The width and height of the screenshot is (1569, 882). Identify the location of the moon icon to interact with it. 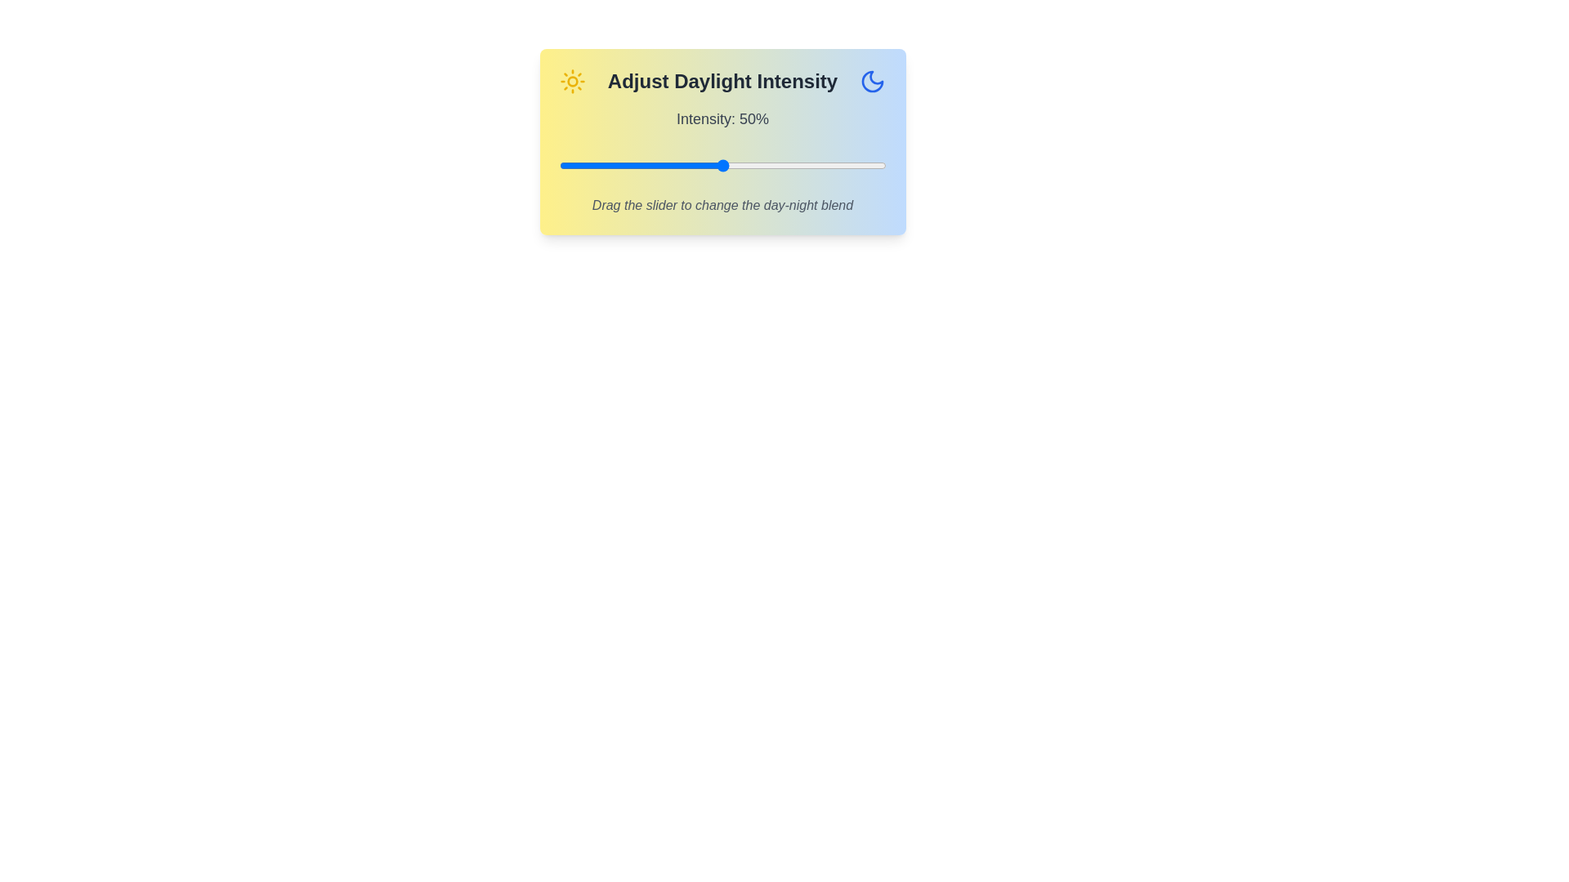
(872, 82).